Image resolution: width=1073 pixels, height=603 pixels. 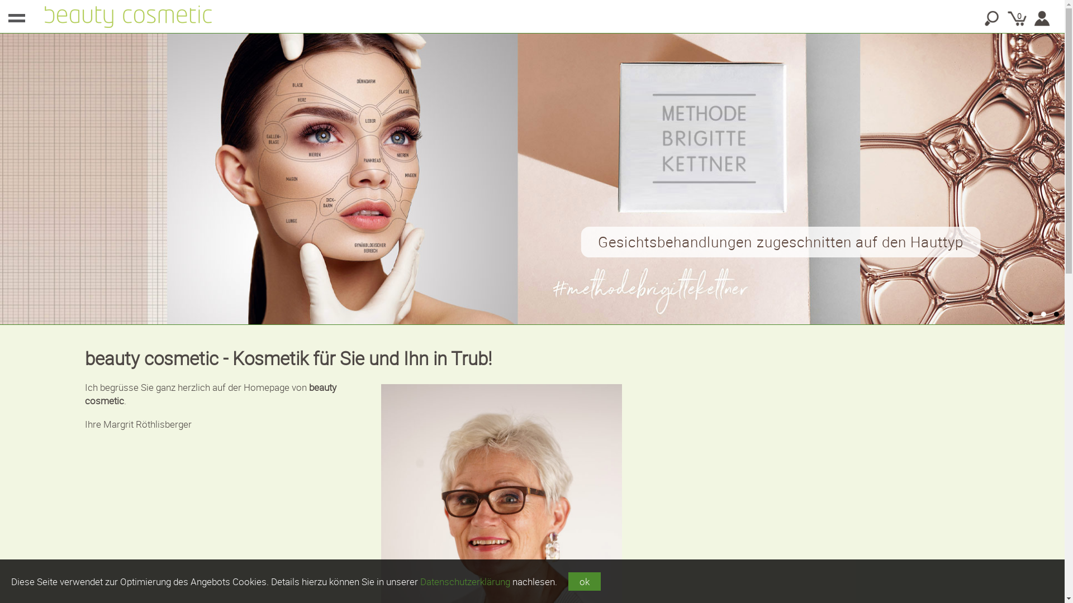 I want to click on 'Gesichtsbehandlungen', so click(x=530, y=178).